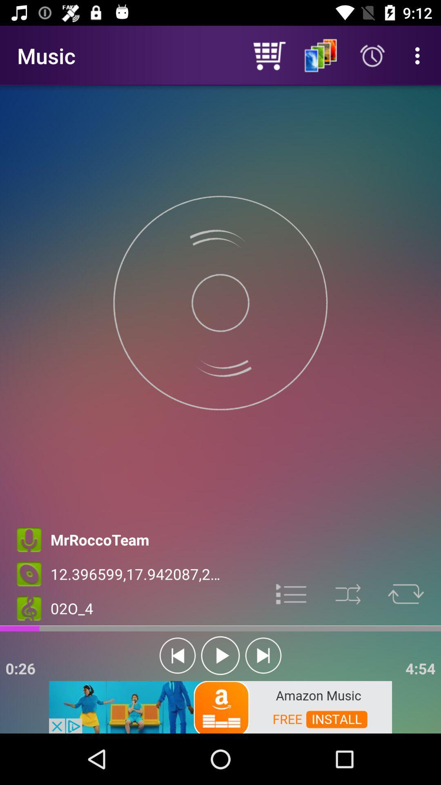  I want to click on the skip_previous icon, so click(177, 655).